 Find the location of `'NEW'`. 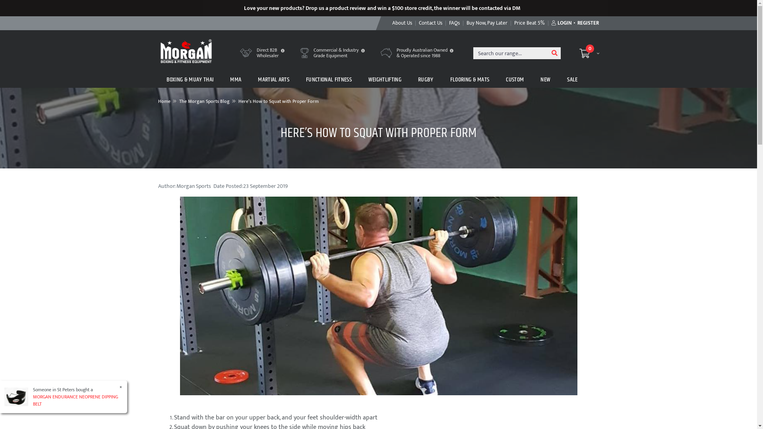

'NEW' is located at coordinates (545, 79).